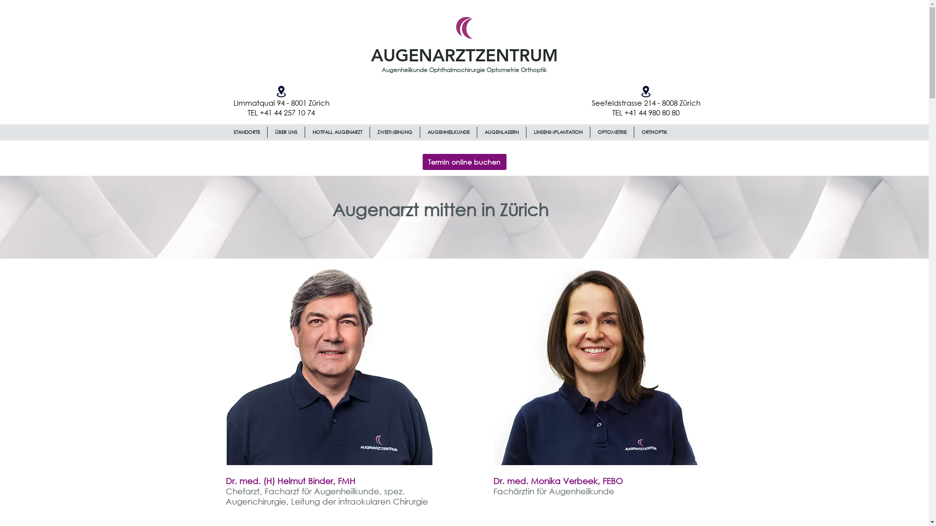 The image size is (936, 526). Describe the element at coordinates (463, 161) in the screenshot. I see `'Termin online buchen'` at that location.